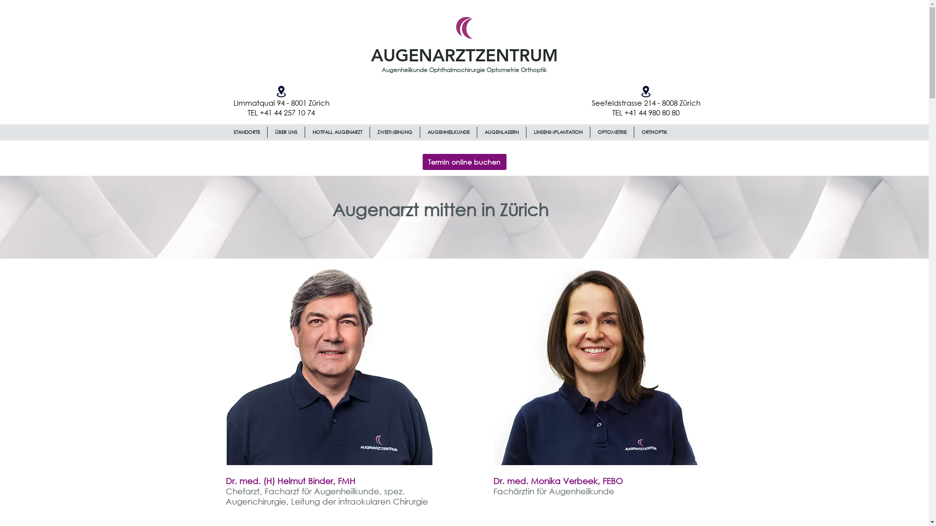 The image size is (936, 526). Describe the element at coordinates (463, 161) in the screenshot. I see `'Termin online buchen'` at that location.